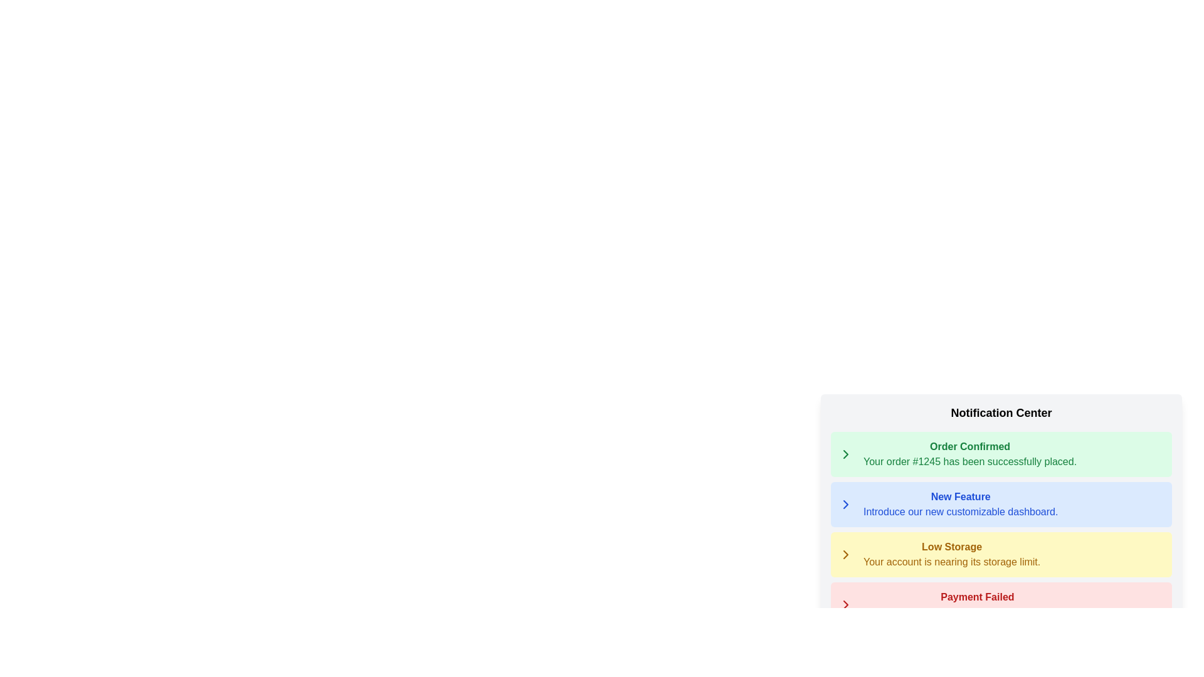  I want to click on the directional chevron icon located at the right end of the 'Payment Failed' notification entry in the Notification Center to initiate navigation, so click(845, 604).